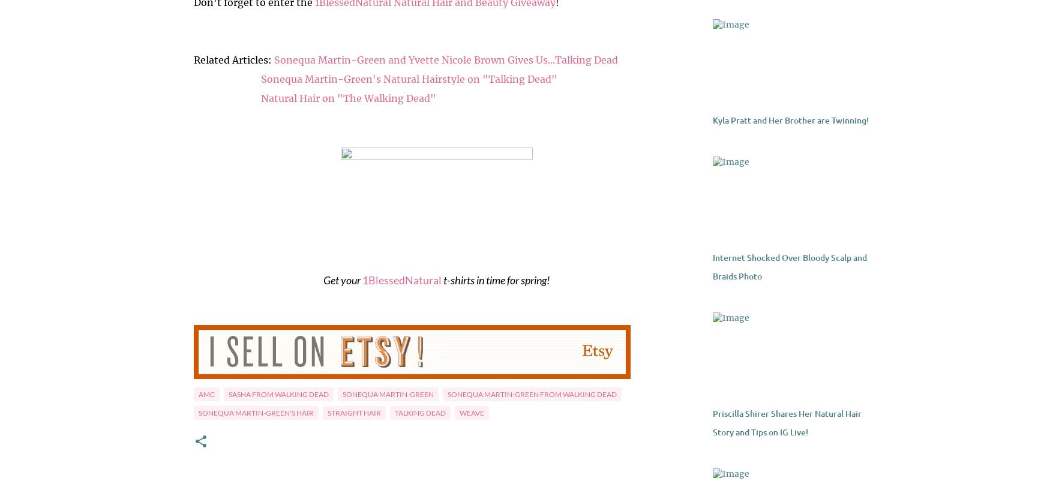  I want to click on 'amc', so click(206, 394).